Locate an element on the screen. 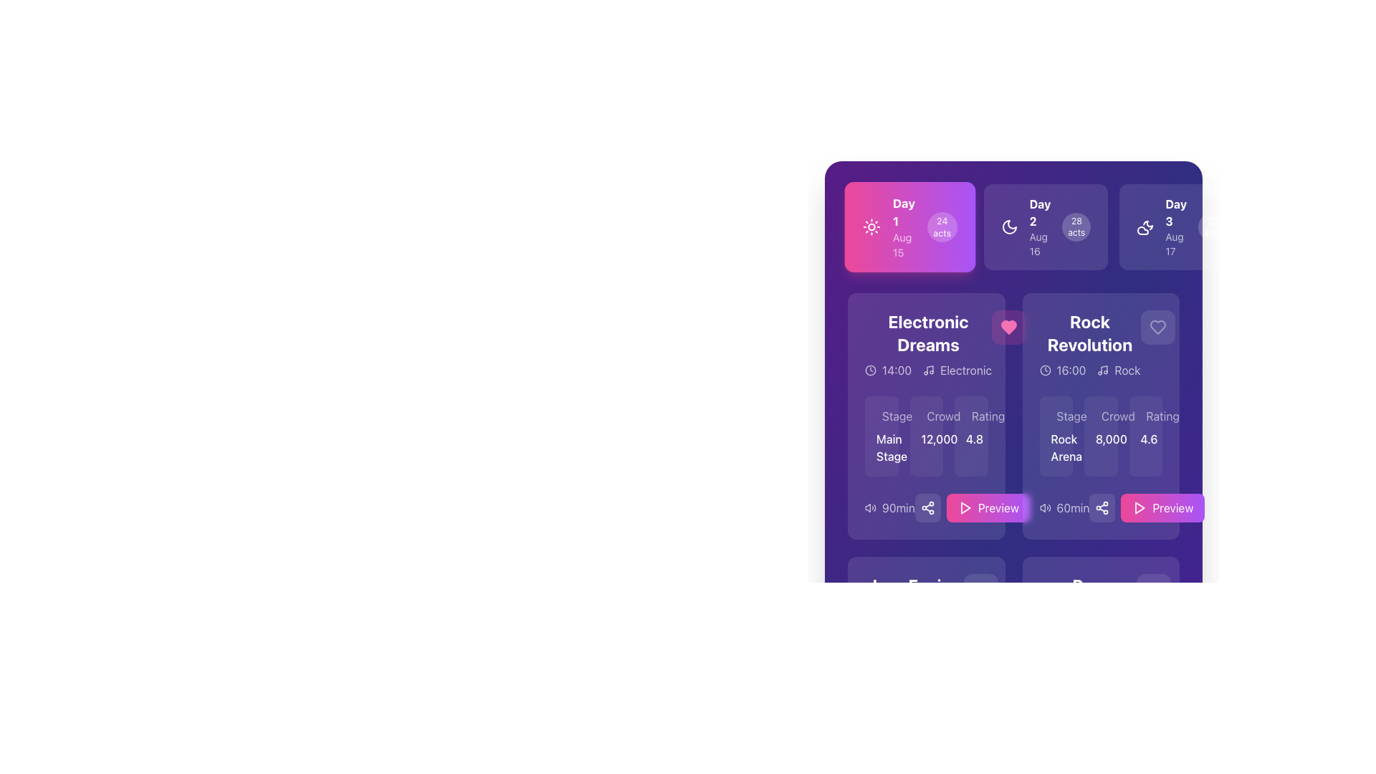 The image size is (1376, 774). the bold, white text labeled 'Day 1' displayed on a vibrant magenta background, located at the top-right of the user interface is located at coordinates (903, 212).